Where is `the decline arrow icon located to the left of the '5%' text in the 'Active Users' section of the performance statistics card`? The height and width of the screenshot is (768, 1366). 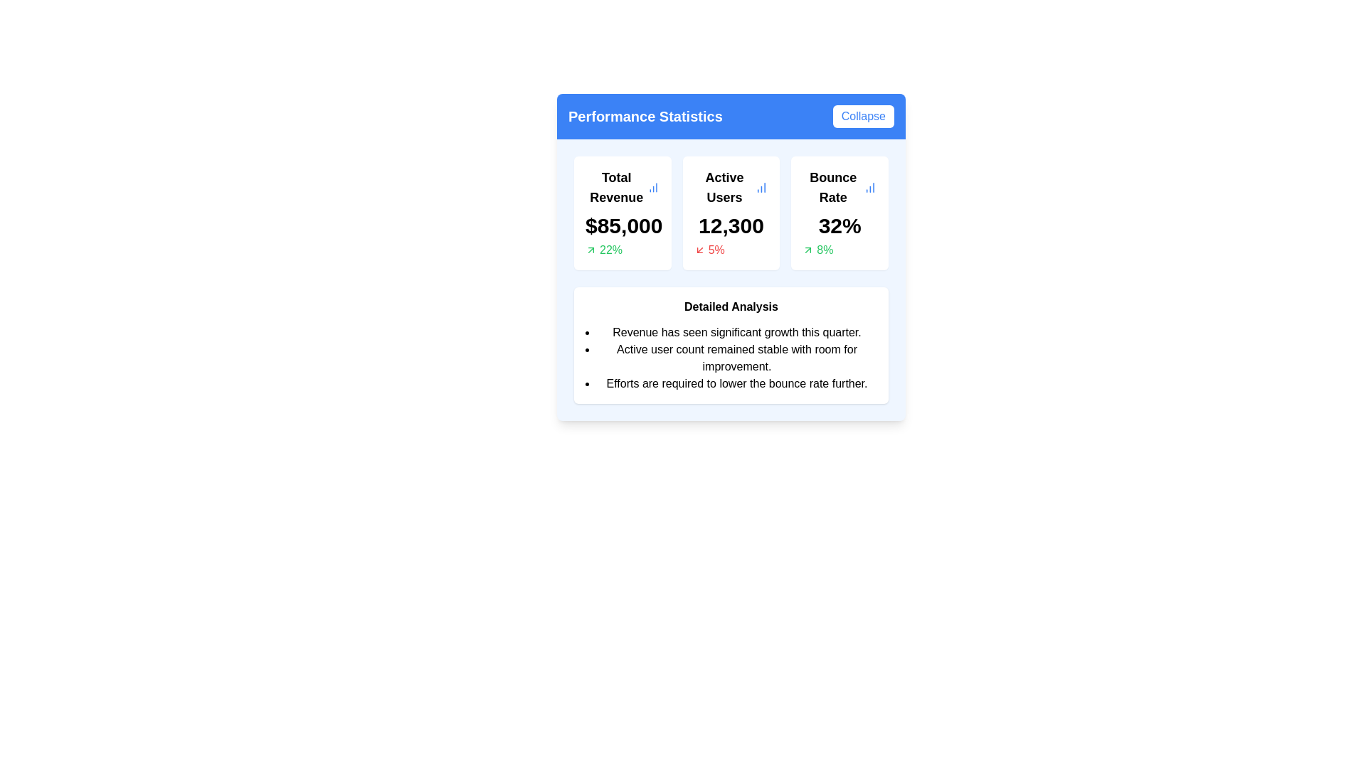 the decline arrow icon located to the left of the '5%' text in the 'Active Users' section of the performance statistics card is located at coordinates (699, 249).